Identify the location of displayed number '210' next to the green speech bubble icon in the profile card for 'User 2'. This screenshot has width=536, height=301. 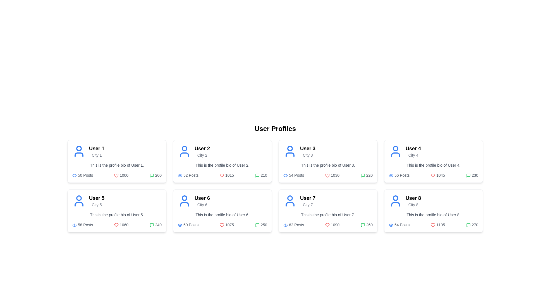
(261, 175).